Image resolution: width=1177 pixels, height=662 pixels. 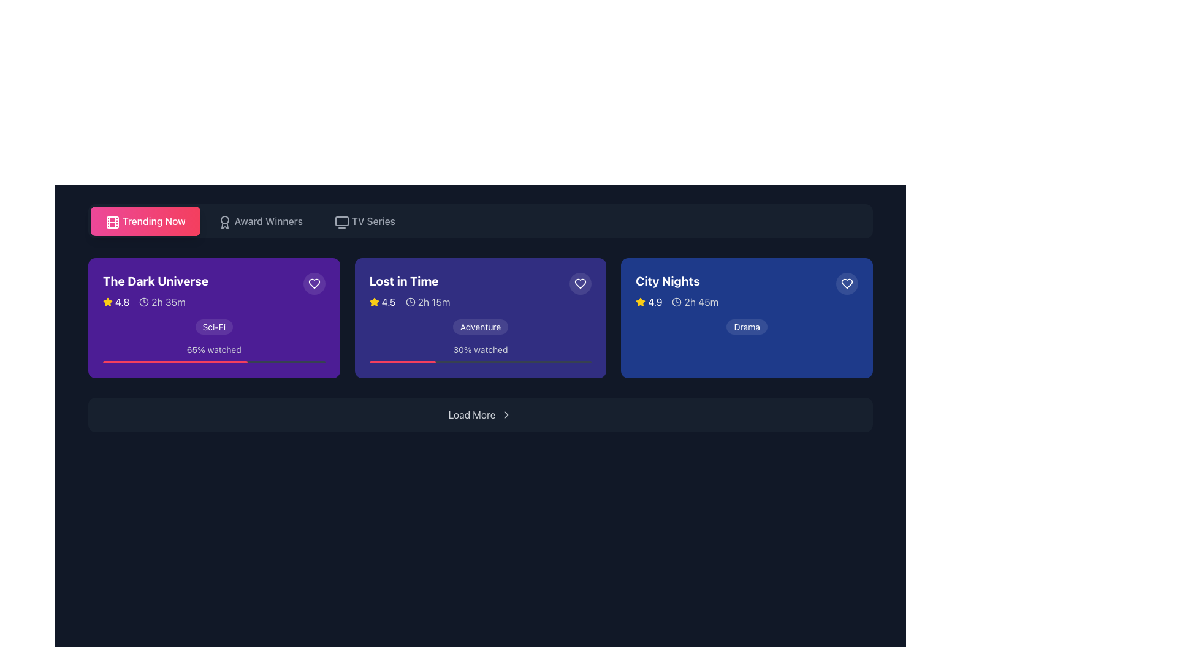 What do you see at coordinates (155, 281) in the screenshot?
I see `the Text Label that serves as the title of the movie card, positioned at the top-left corner of the purple card` at bounding box center [155, 281].